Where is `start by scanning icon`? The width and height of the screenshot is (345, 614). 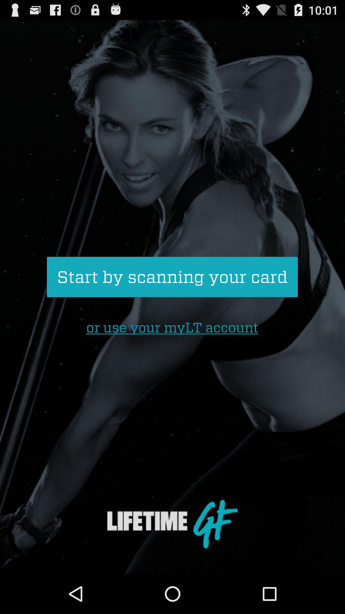
start by scanning icon is located at coordinates (172, 277).